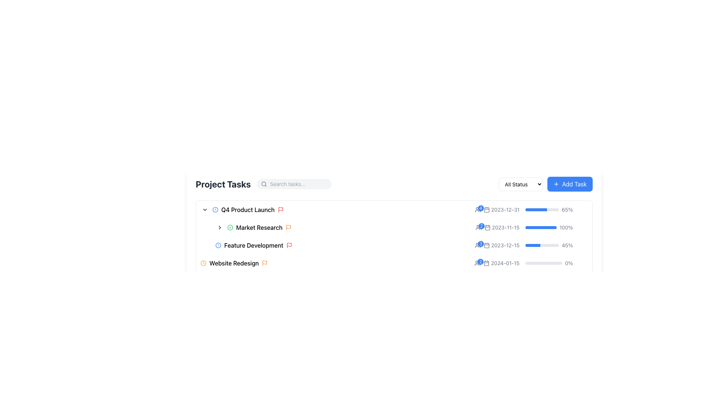  I want to click on the calendar icon element adjacent to the date label for '2023-12-15', so click(486, 245).